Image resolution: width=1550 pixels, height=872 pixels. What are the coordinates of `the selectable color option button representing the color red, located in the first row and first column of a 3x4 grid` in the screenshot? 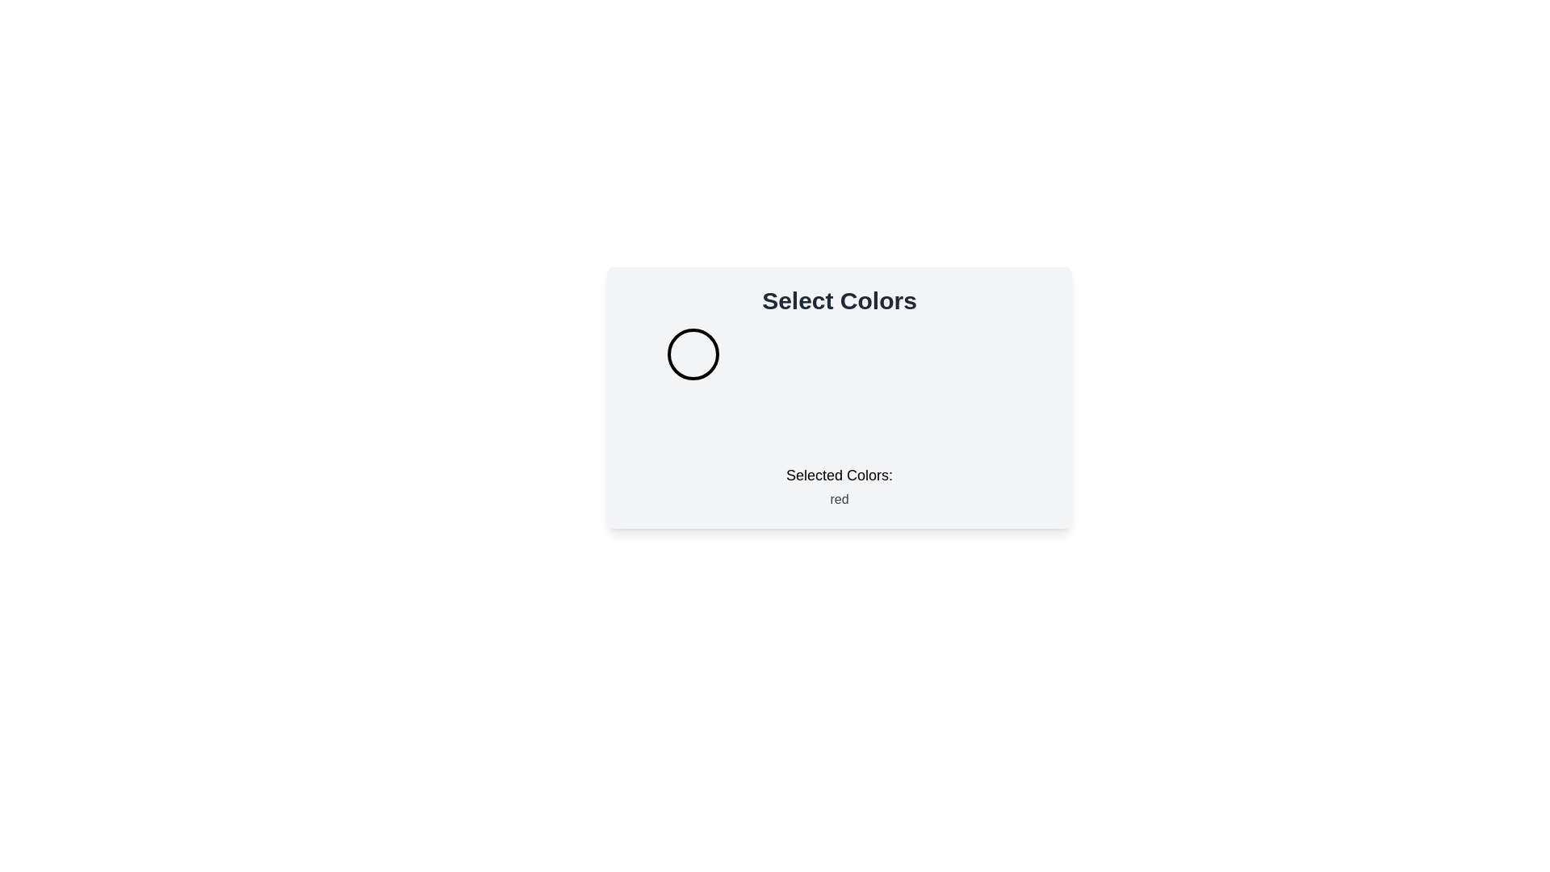 It's located at (693, 354).